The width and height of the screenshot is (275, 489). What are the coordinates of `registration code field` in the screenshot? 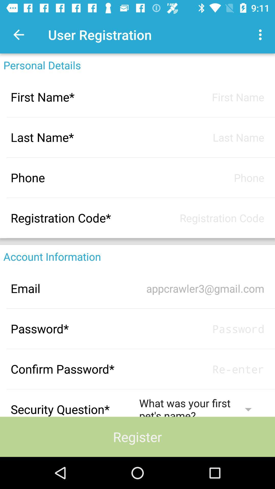 It's located at (201, 218).